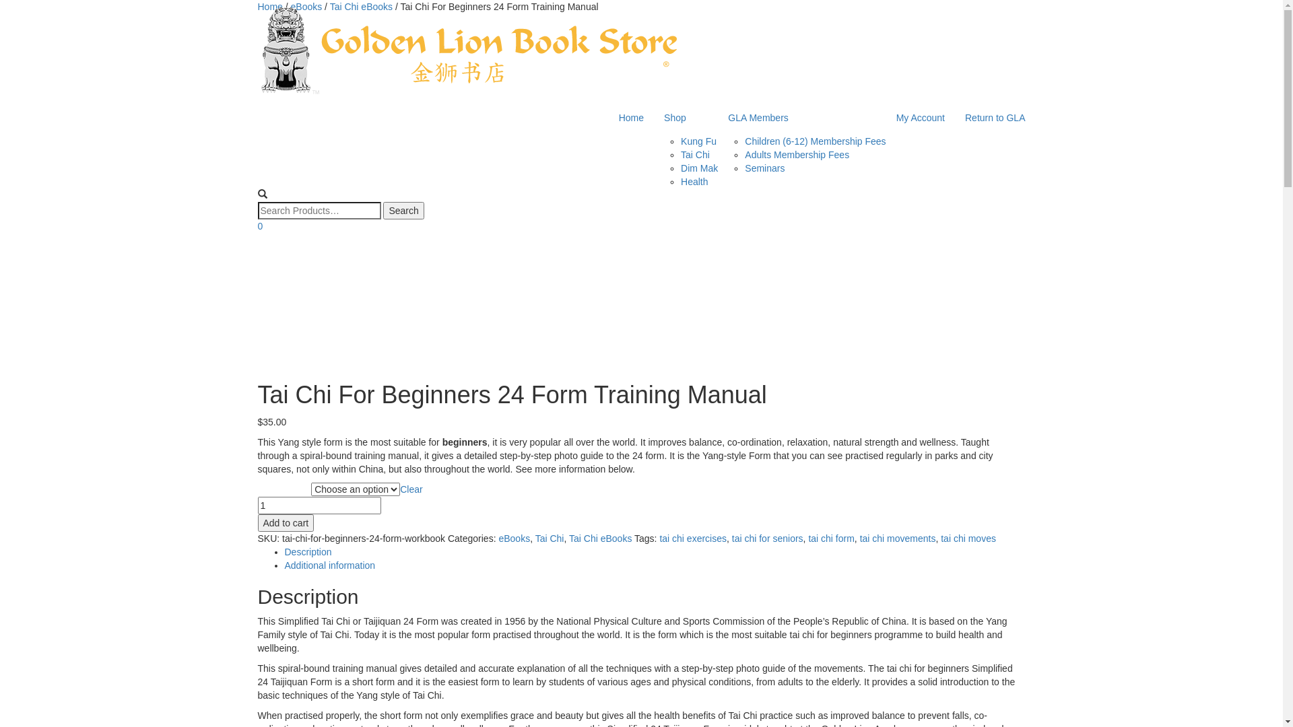 The image size is (1293, 727). What do you see at coordinates (318, 210) in the screenshot?
I see `'Search for:'` at bounding box center [318, 210].